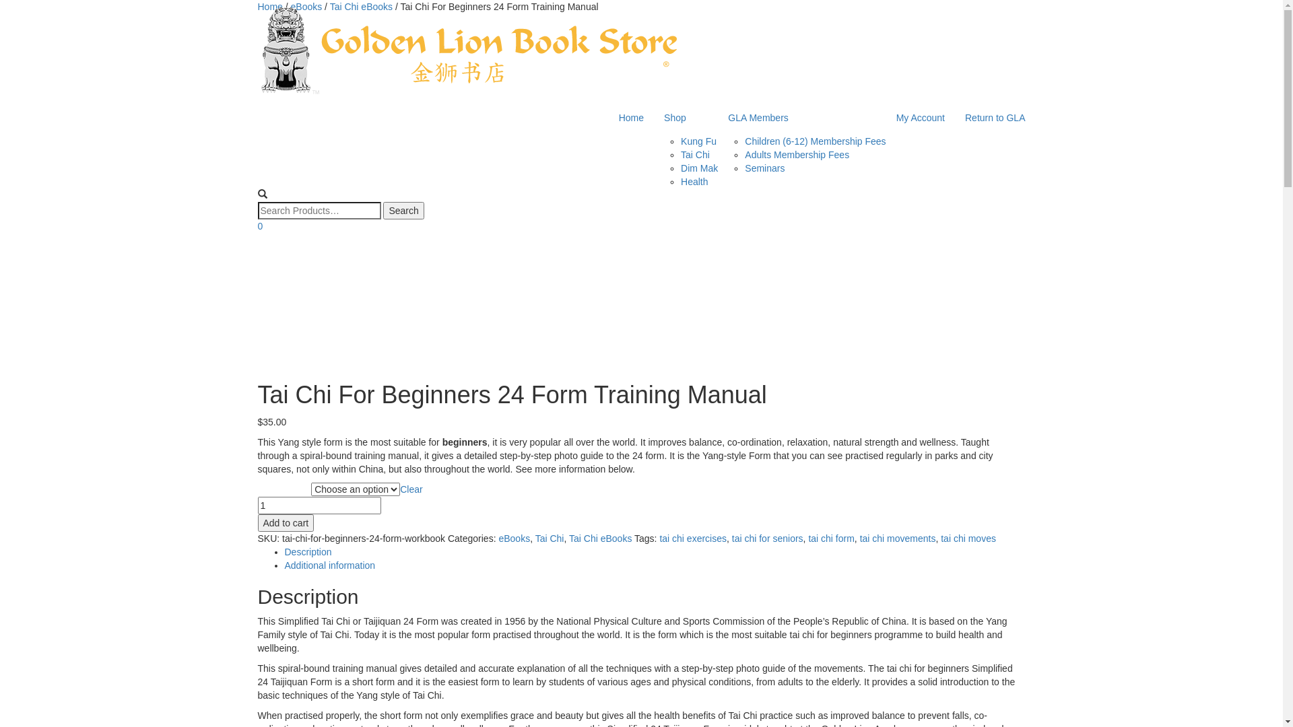 The image size is (1293, 727). What do you see at coordinates (318, 210) in the screenshot?
I see `'Search for:'` at bounding box center [318, 210].